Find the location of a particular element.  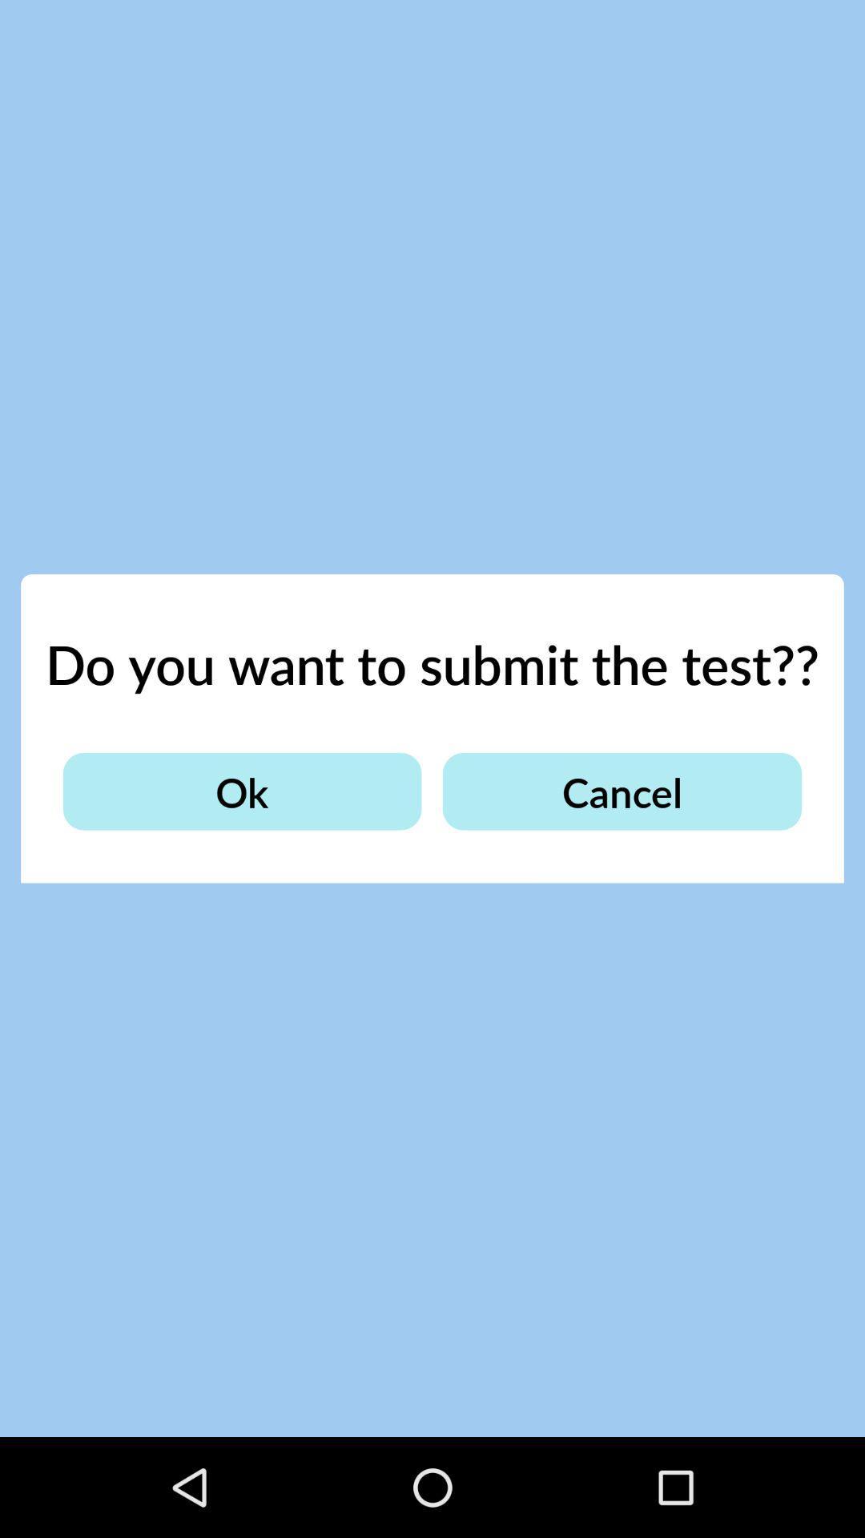

the icon below the do you want is located at coordinates (242, 791).